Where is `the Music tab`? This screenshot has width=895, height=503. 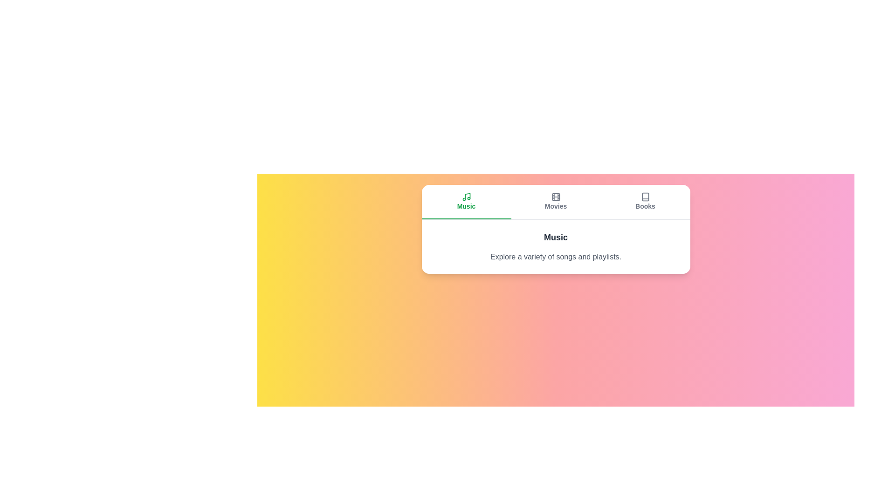
the Music tab is located at coordinates (466, 202).